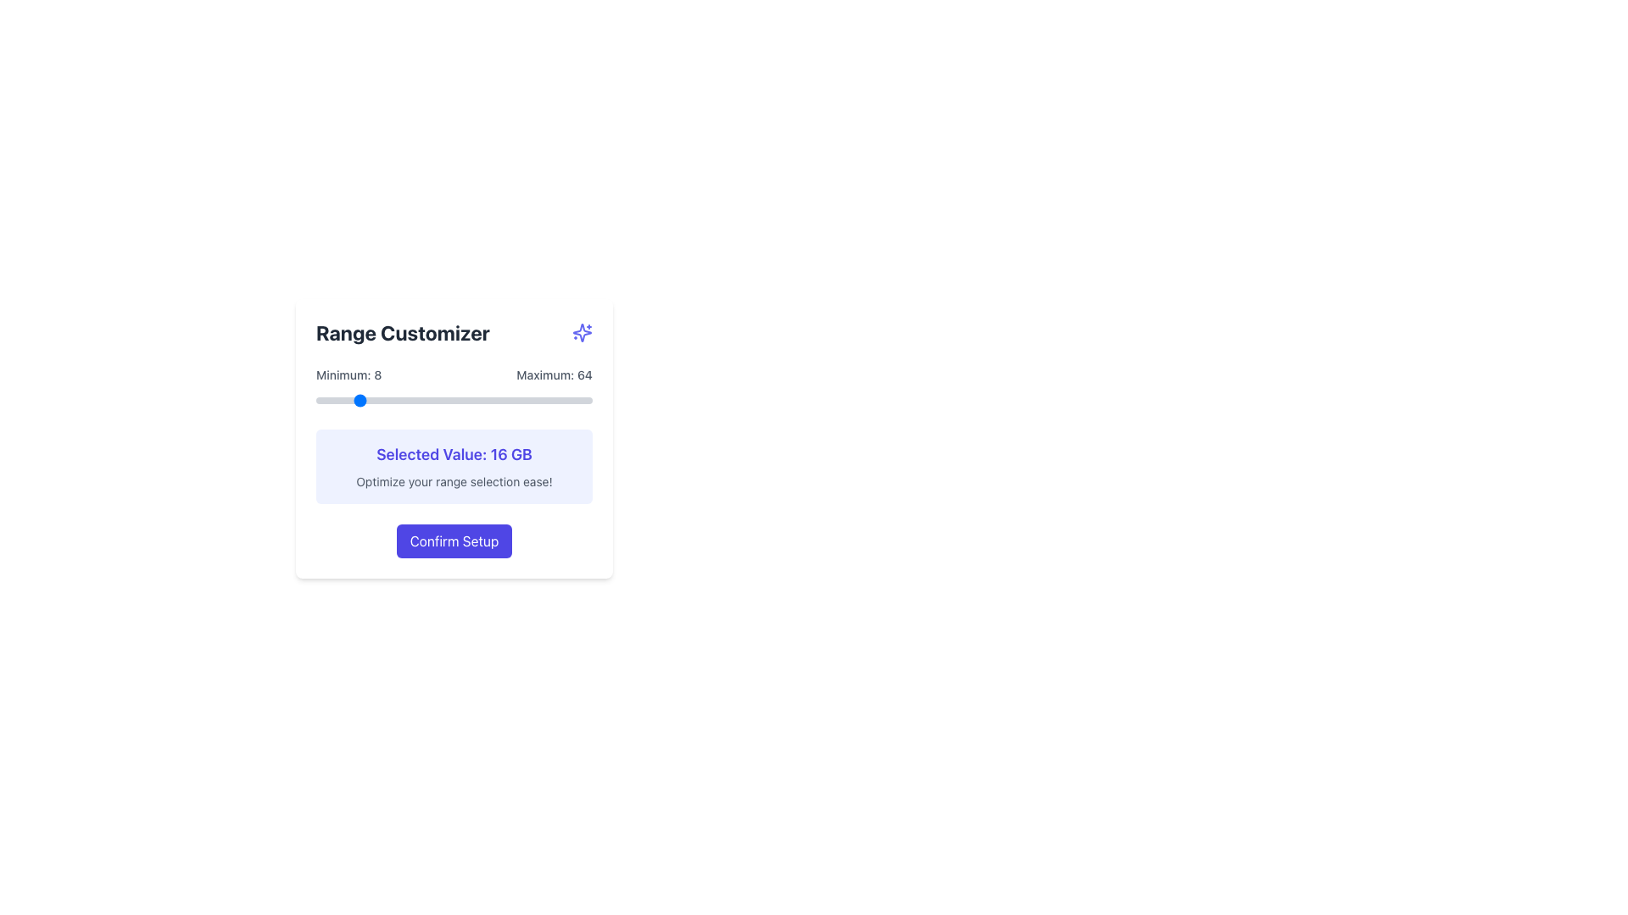  I want to click on the slider value, so click(331, 401).